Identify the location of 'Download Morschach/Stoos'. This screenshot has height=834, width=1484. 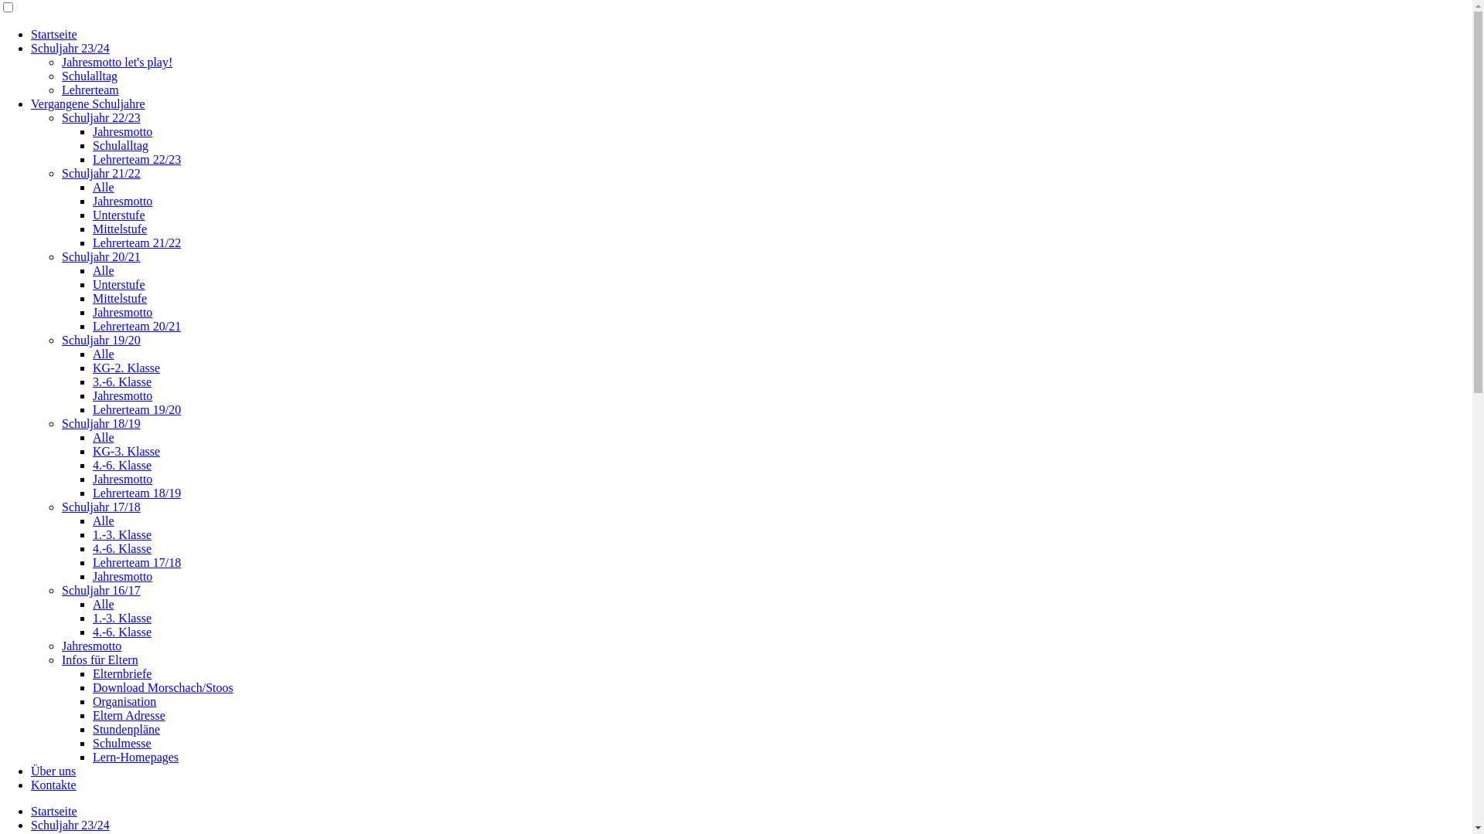
(163, 687).